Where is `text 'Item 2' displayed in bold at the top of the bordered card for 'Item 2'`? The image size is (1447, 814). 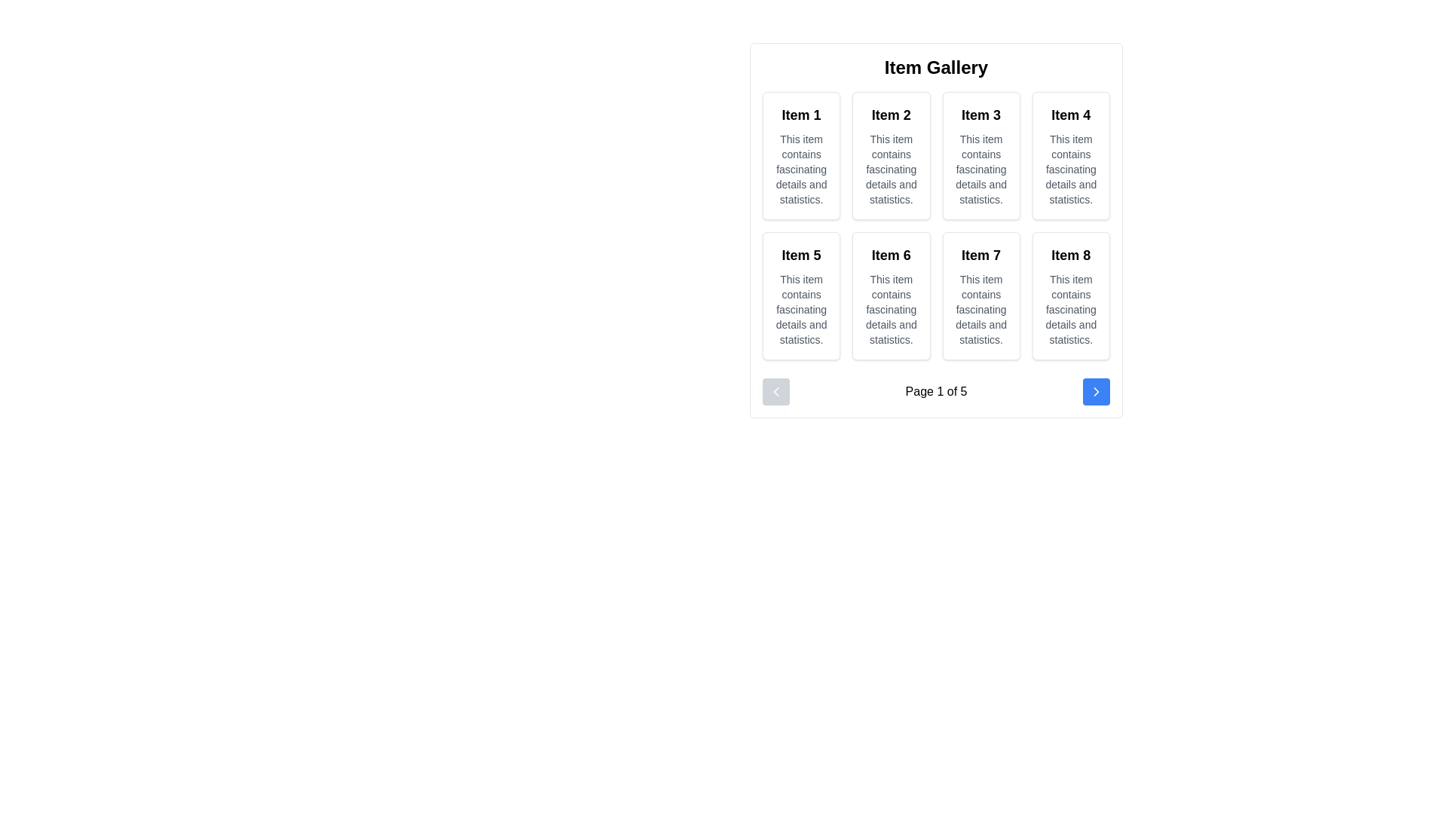
text 'Item 2' displayed in bold at the top of the bordered card for 'Item 2' is located at coordinates (891, 115).